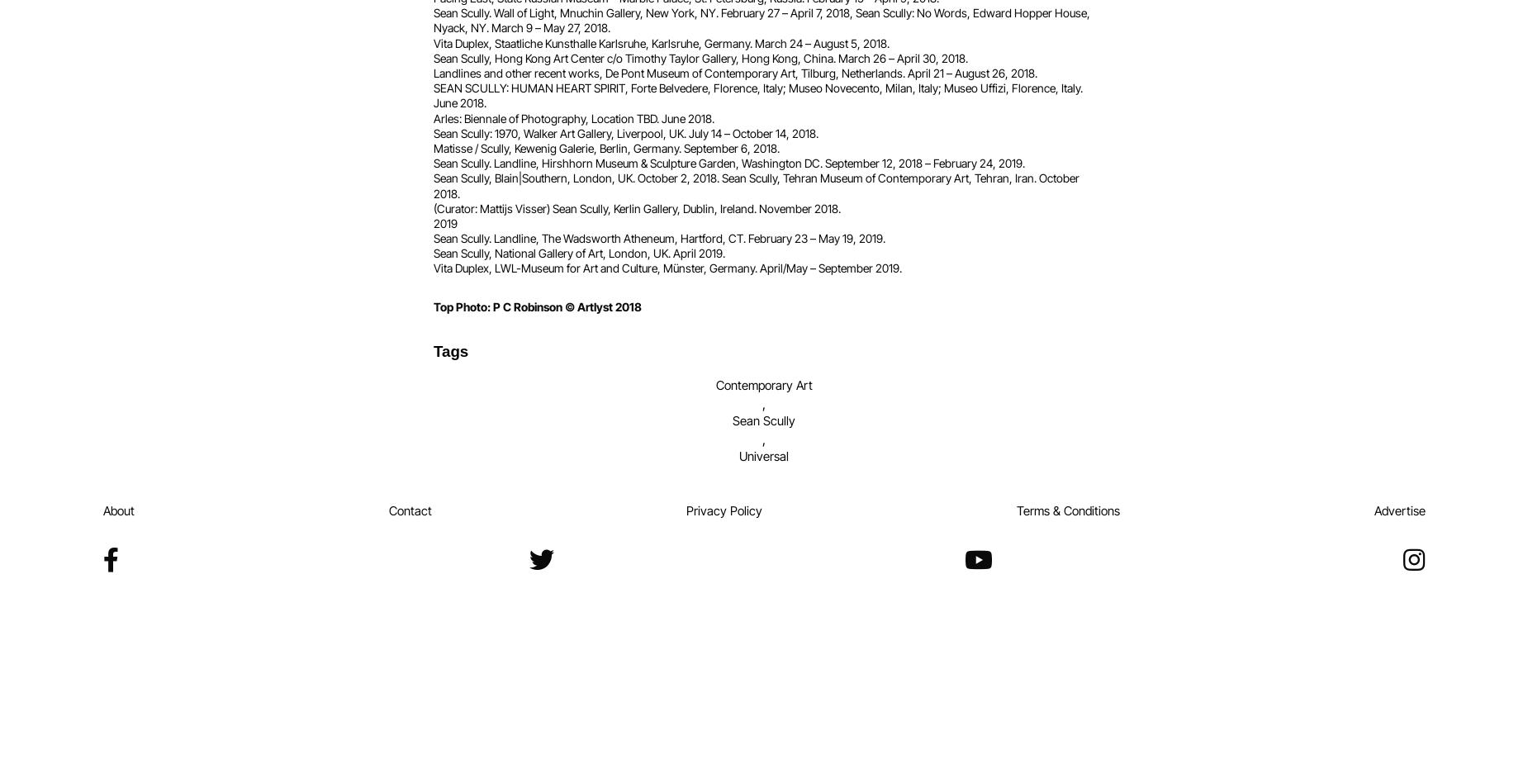 The image size is (1528, 764). I want to click on 'Sean Scully. Wall of Light, Mnuchin Gallery, New York, NY. February 27 – April 7, 2018, Sean Scully: No Words, Edward Hopper House, Nyack, NY. March 9 – May 27, 2018.', so click(762, 19).